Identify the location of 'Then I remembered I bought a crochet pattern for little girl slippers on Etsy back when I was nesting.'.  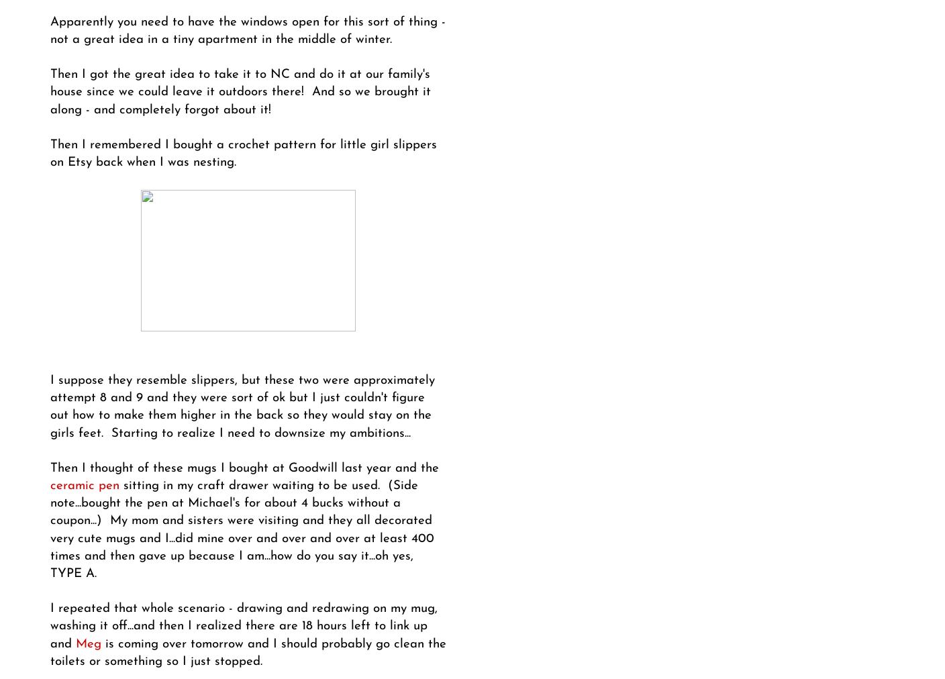
(242, 154).